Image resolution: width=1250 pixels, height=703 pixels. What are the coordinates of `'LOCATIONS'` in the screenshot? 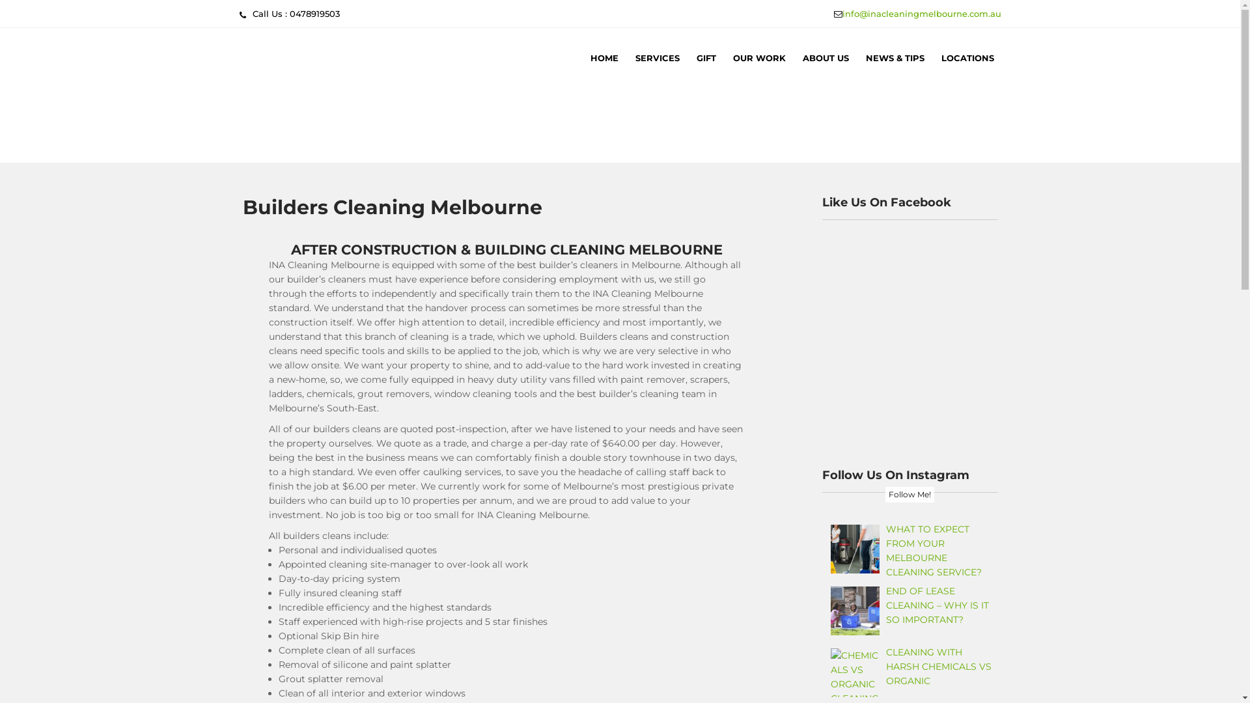 It's located at (933, 57).